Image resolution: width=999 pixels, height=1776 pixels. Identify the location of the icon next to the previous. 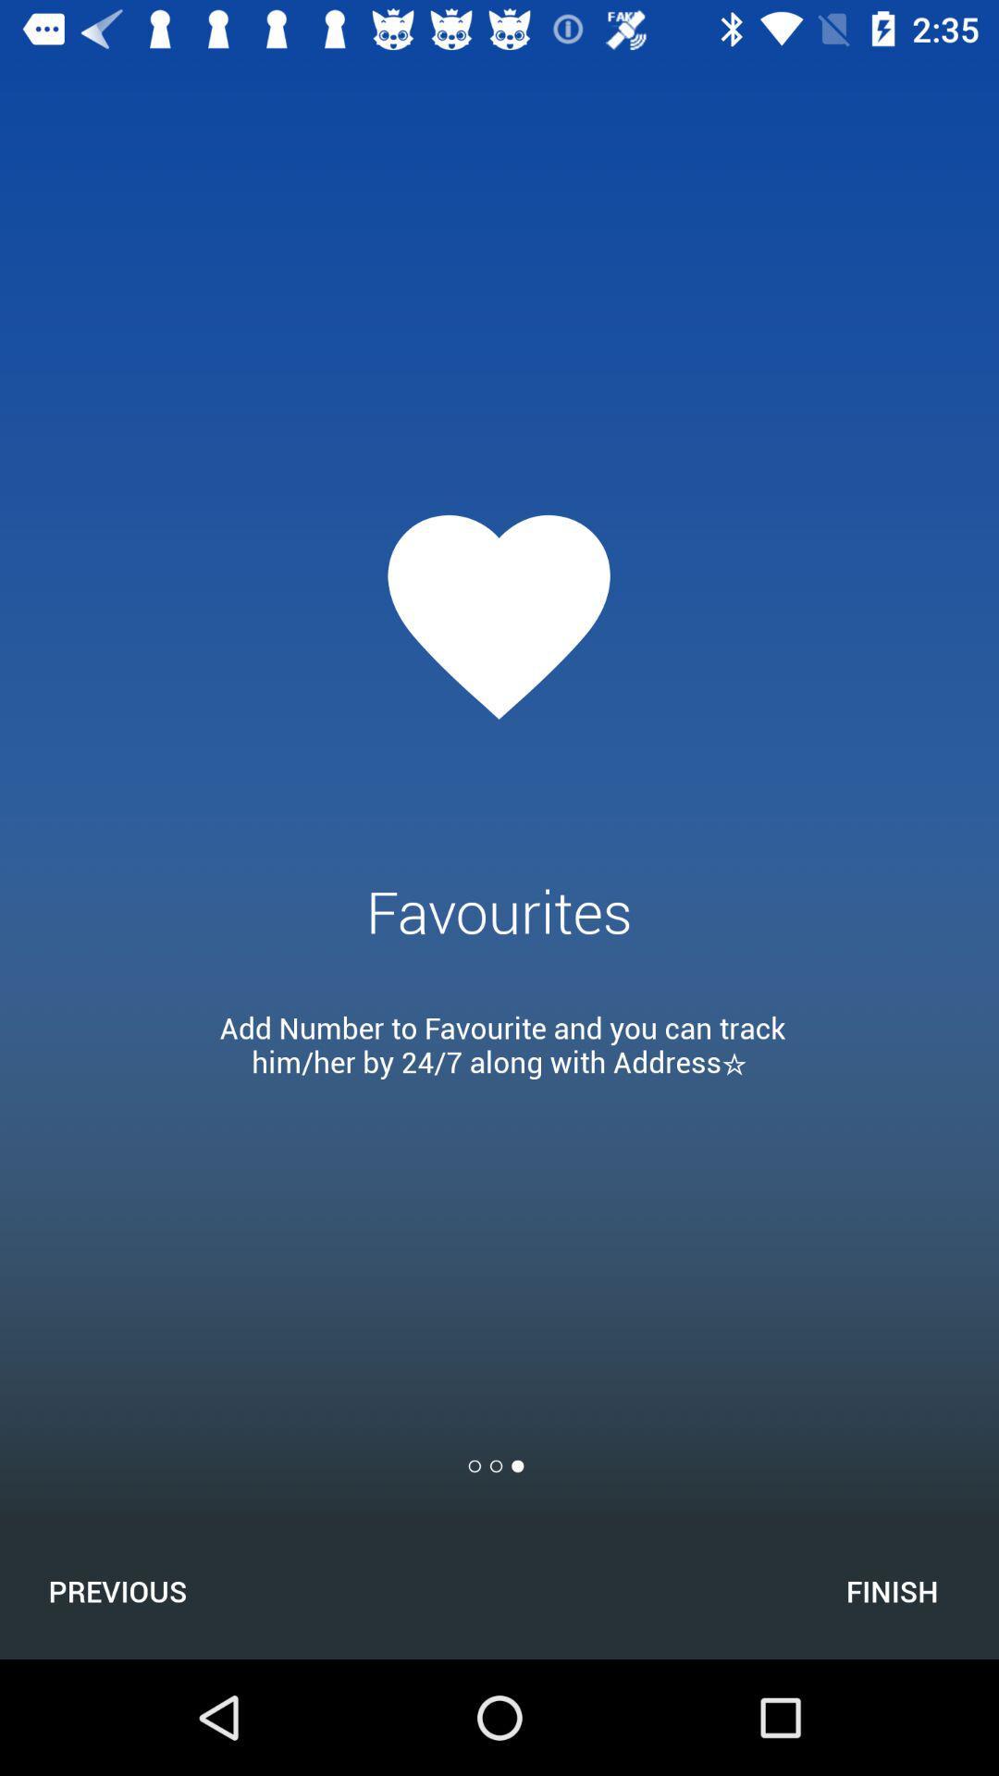
(891, 1590).